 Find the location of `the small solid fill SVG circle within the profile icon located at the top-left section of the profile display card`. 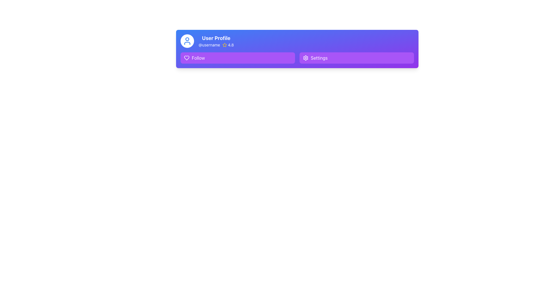

the small solid fill SVG circle within the profile icon located at the top-left section of the profile display card is located at coordinates (187, 39).